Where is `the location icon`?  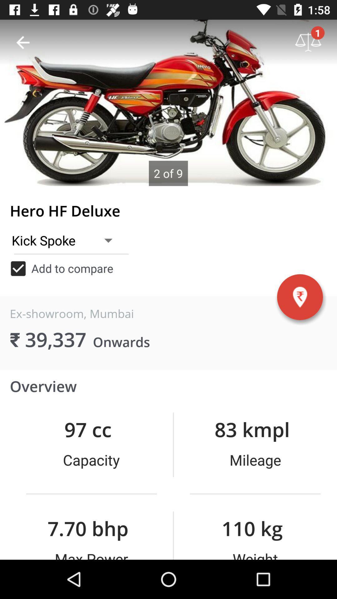
the location icon is located at coordinates (300, 297).